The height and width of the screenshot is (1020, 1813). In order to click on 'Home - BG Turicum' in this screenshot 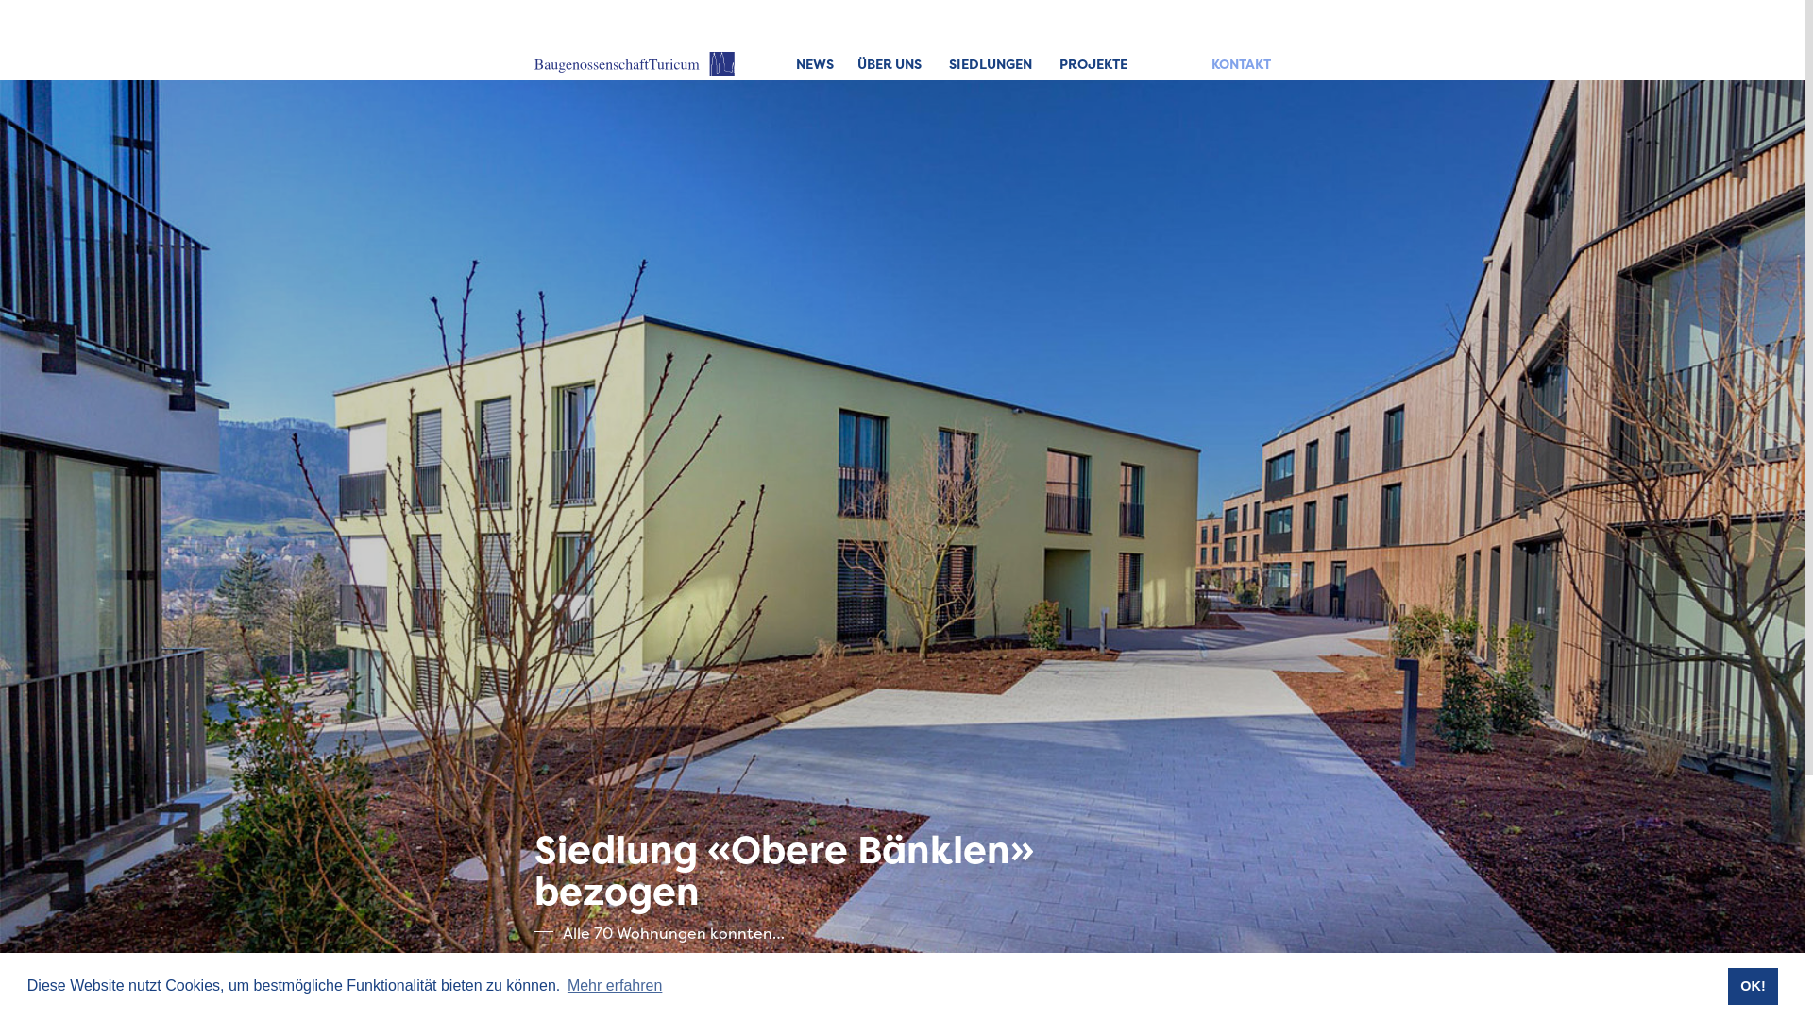, I will do `click(635, 63)`.